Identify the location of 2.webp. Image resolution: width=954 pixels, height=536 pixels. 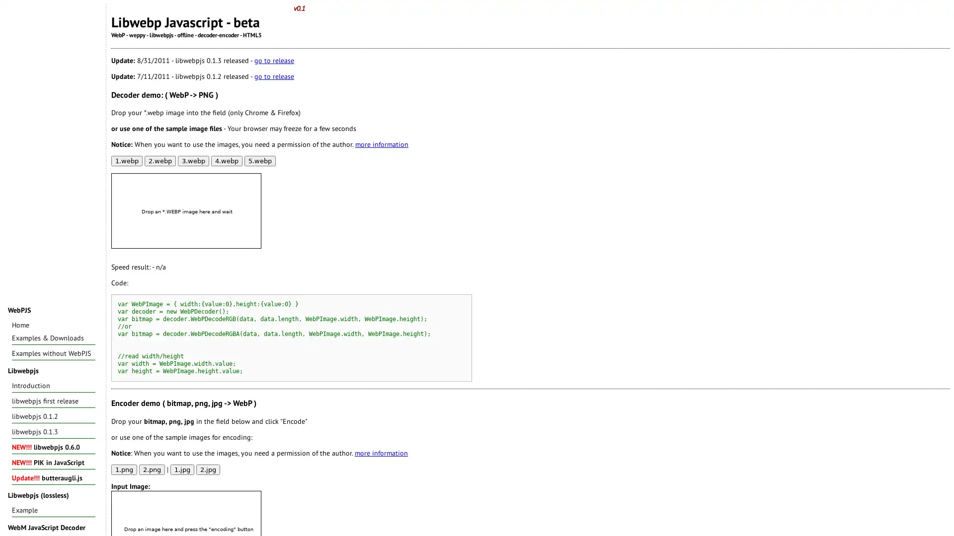
(160, 160).